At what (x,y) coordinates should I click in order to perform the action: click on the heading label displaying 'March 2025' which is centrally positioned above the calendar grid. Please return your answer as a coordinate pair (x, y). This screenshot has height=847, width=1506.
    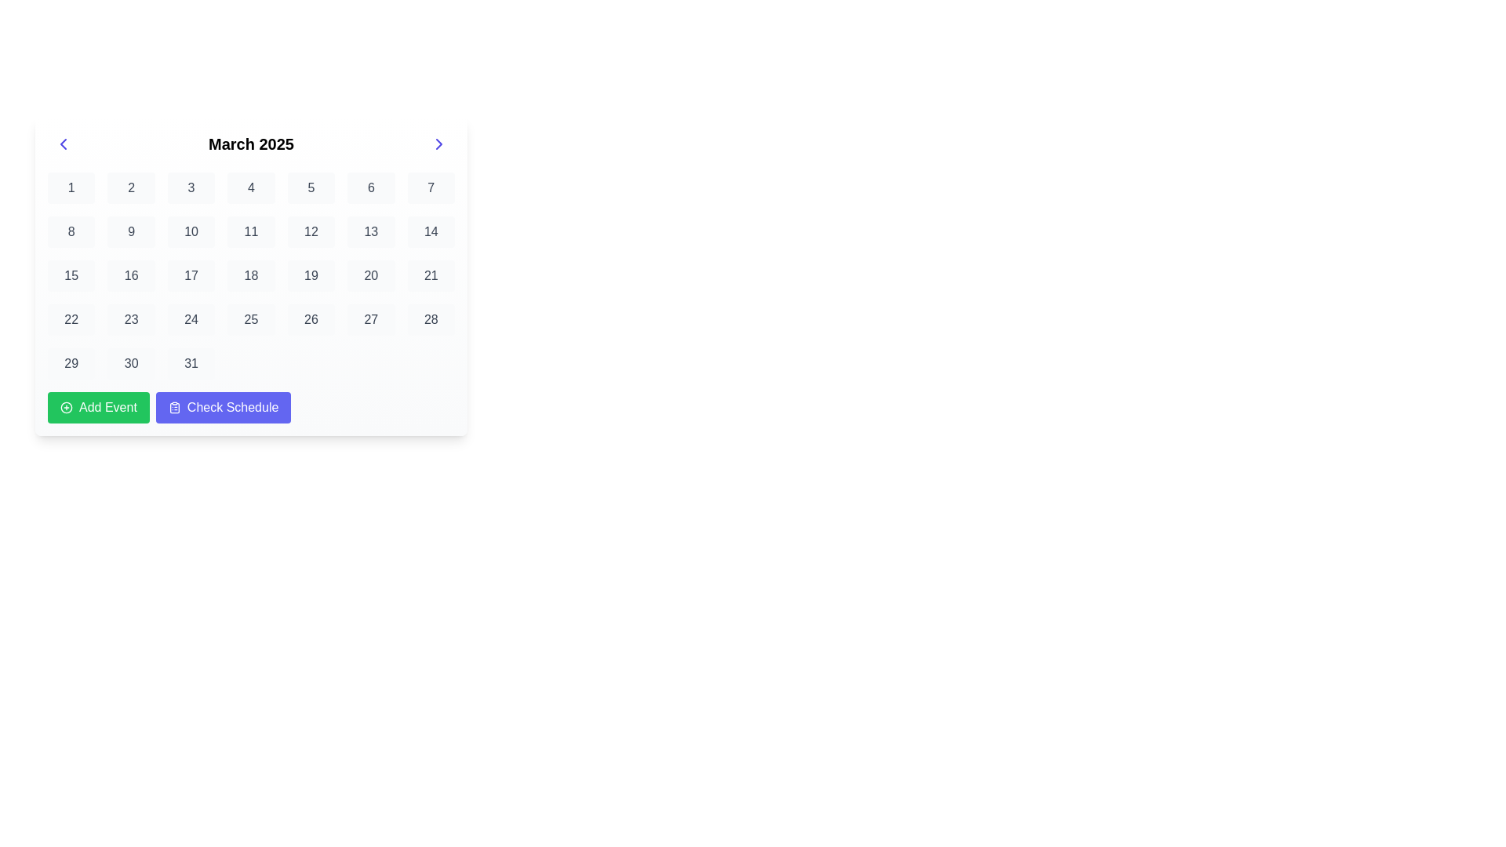
    Looking at the image, I should click on (251, 144).